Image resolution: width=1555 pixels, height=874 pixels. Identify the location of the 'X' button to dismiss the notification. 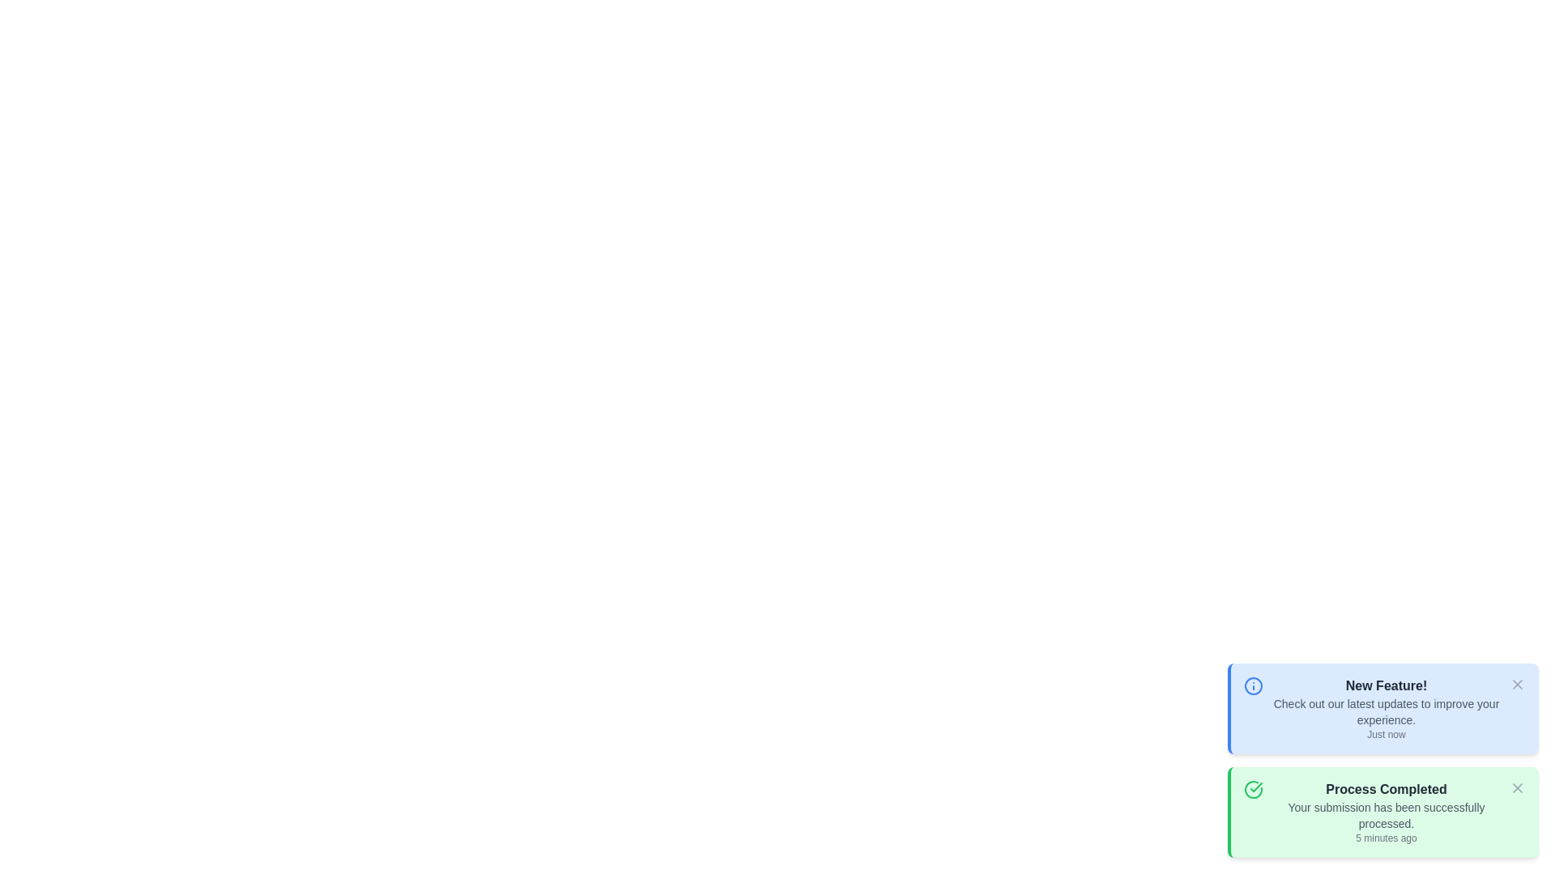
(1516, 684).